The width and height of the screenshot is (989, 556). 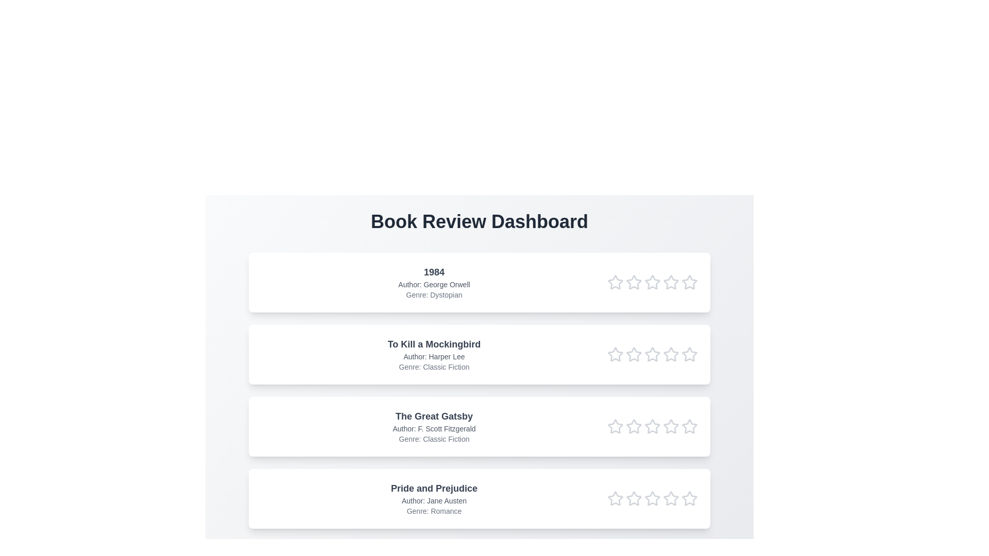 What do you see at coordinates (671, 498) in the screenshot?
I see `the star corresponding to 4 in the rating row of the book titled Pride and Prejudice` at bounding box center [671, 498].